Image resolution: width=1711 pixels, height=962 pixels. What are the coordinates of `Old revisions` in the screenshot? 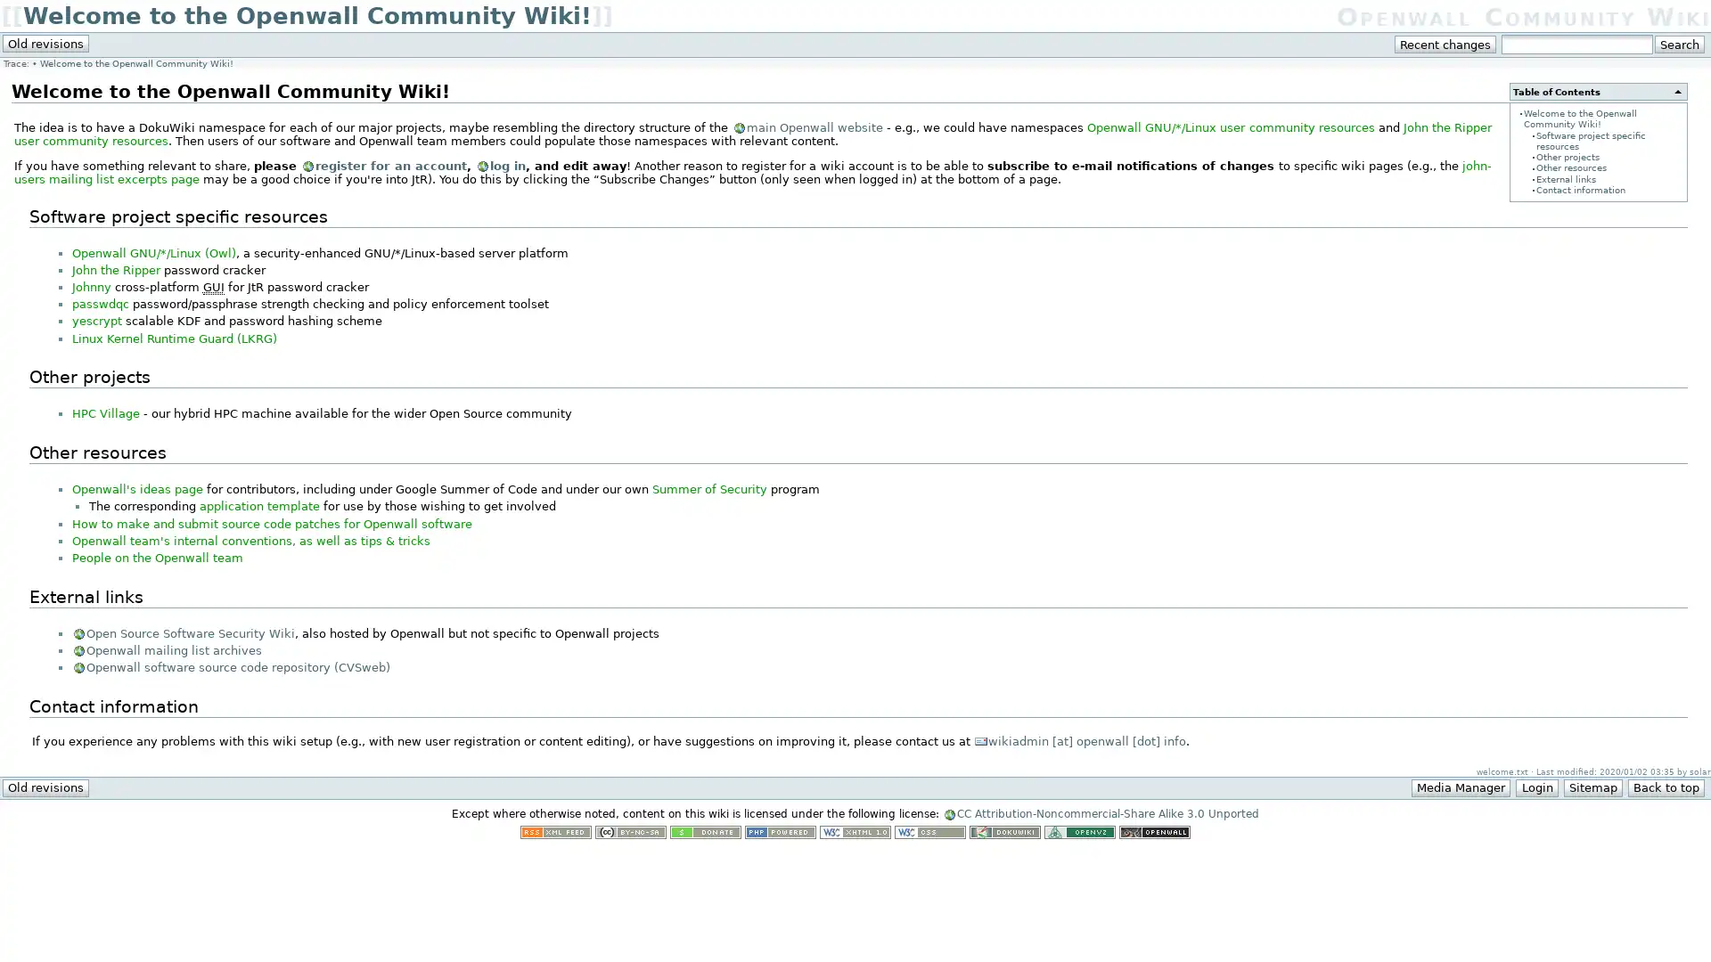 It's located at (45, 43).